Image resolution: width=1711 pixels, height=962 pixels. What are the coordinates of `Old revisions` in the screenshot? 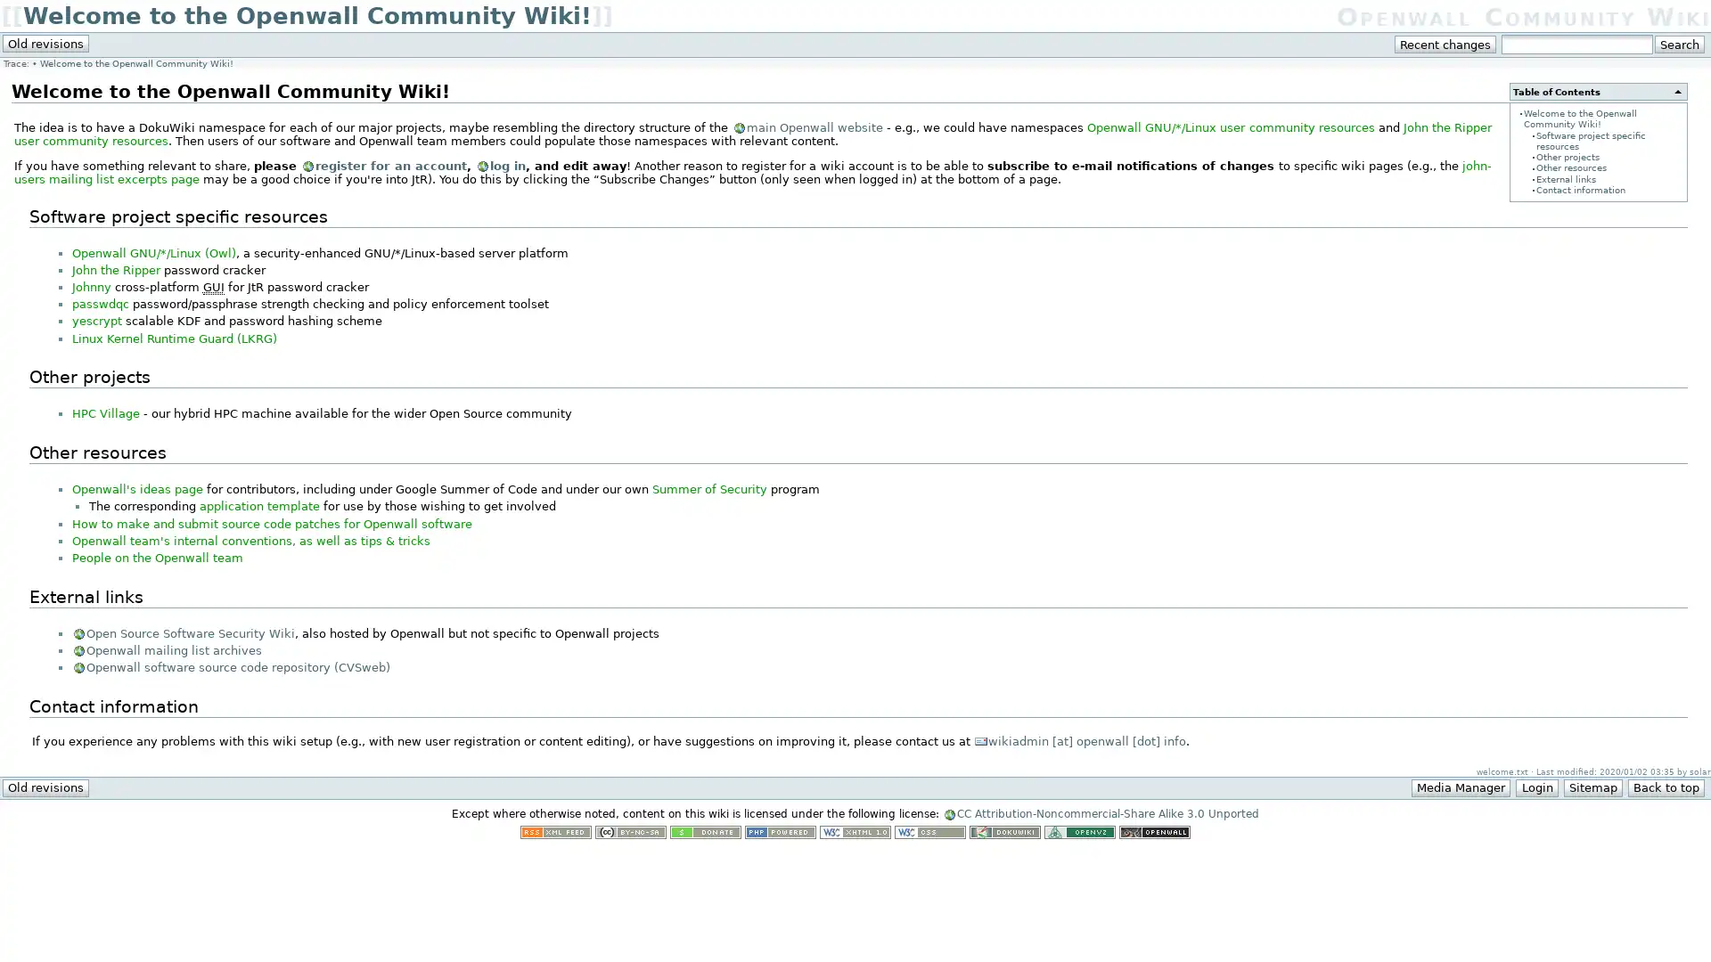 It's located at (45, 43).